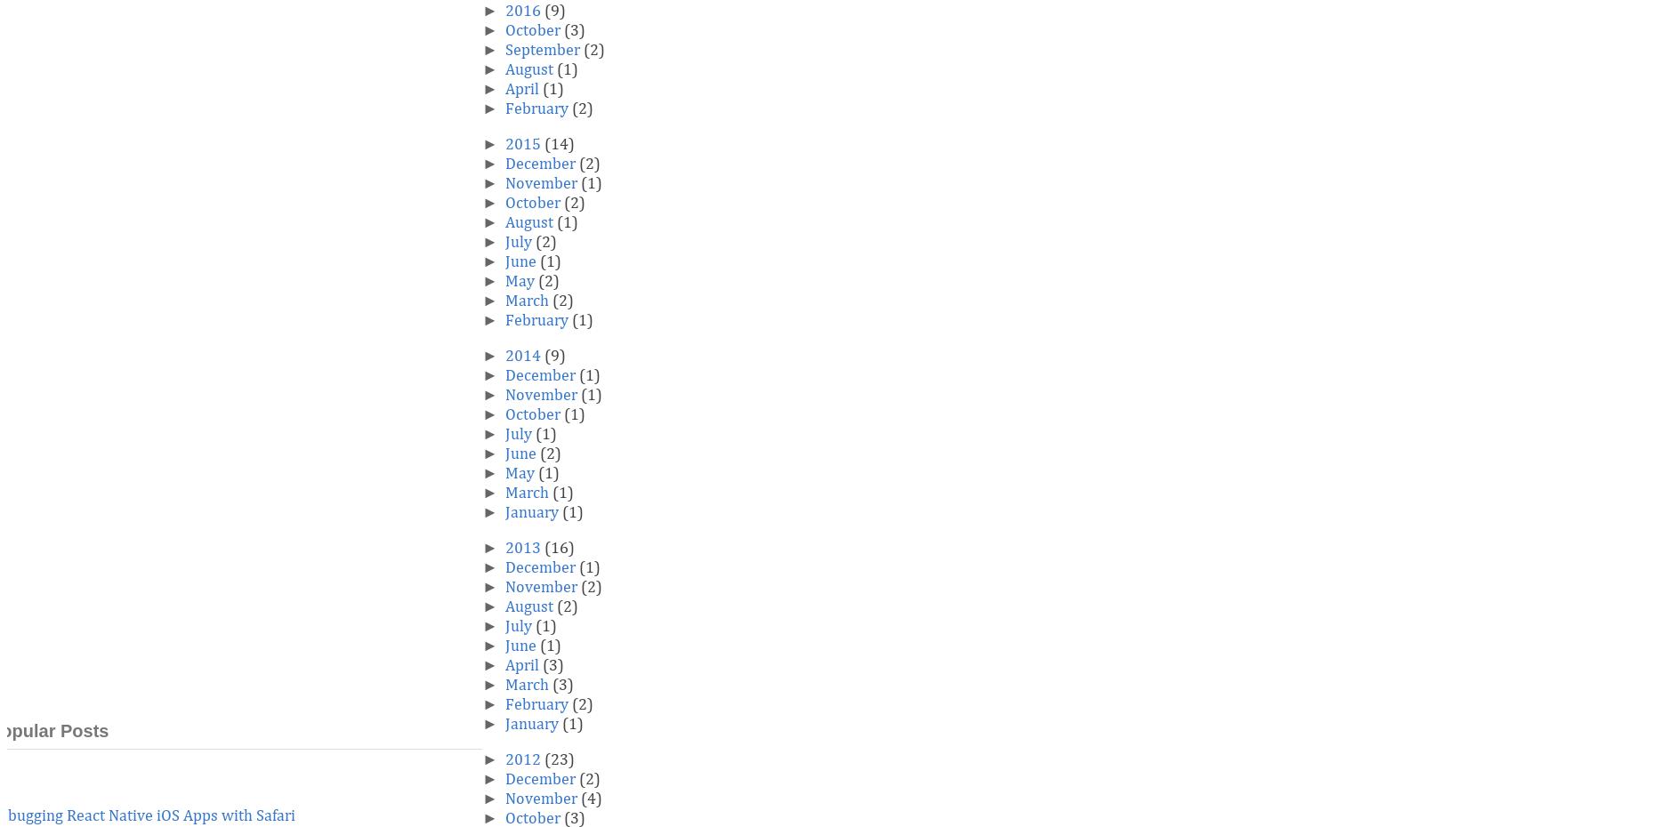 The width and height of the screenshot is (1653, 827). What do you see at coordinates (522, 357) in the screenshot?
I see `'2014'` at bounding box center [522, 357].